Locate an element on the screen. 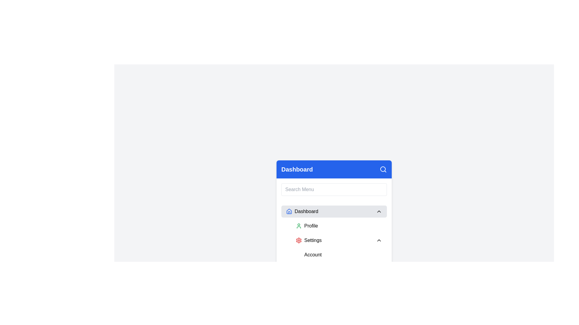 The height and width of the screenshot is (325, 579). the 'Settings' menu item, which features a red gear icon and is located in the sidebar menu, positioned between 'Profile' and 'Account' is located at coordinates (308, 240).